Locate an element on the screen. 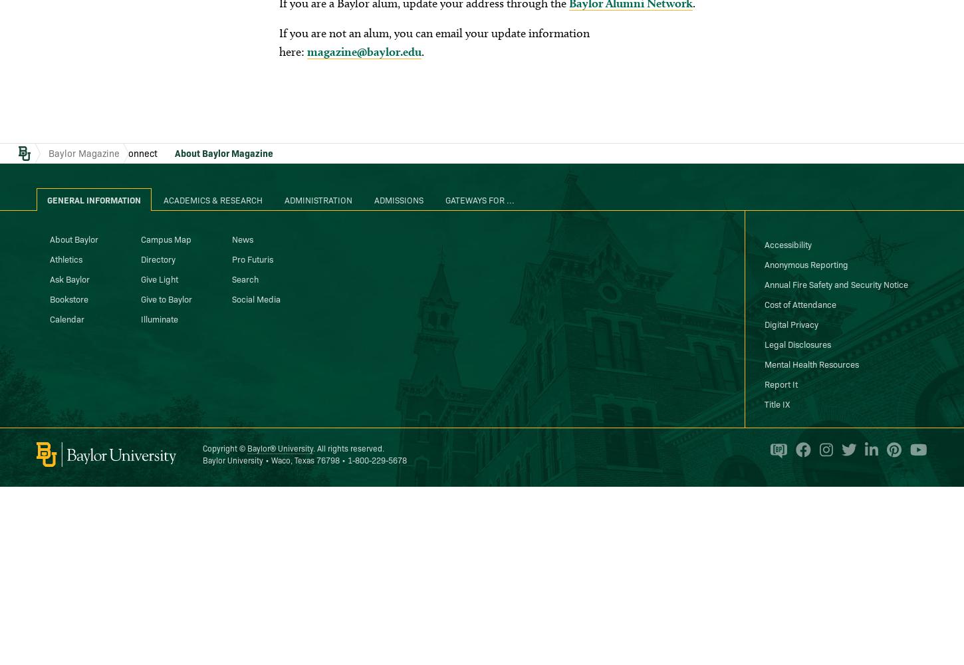 This screenshot has height=665, width=964. 'Annual Fire Safety and Security Notice' is located at coordinates (763, 283).